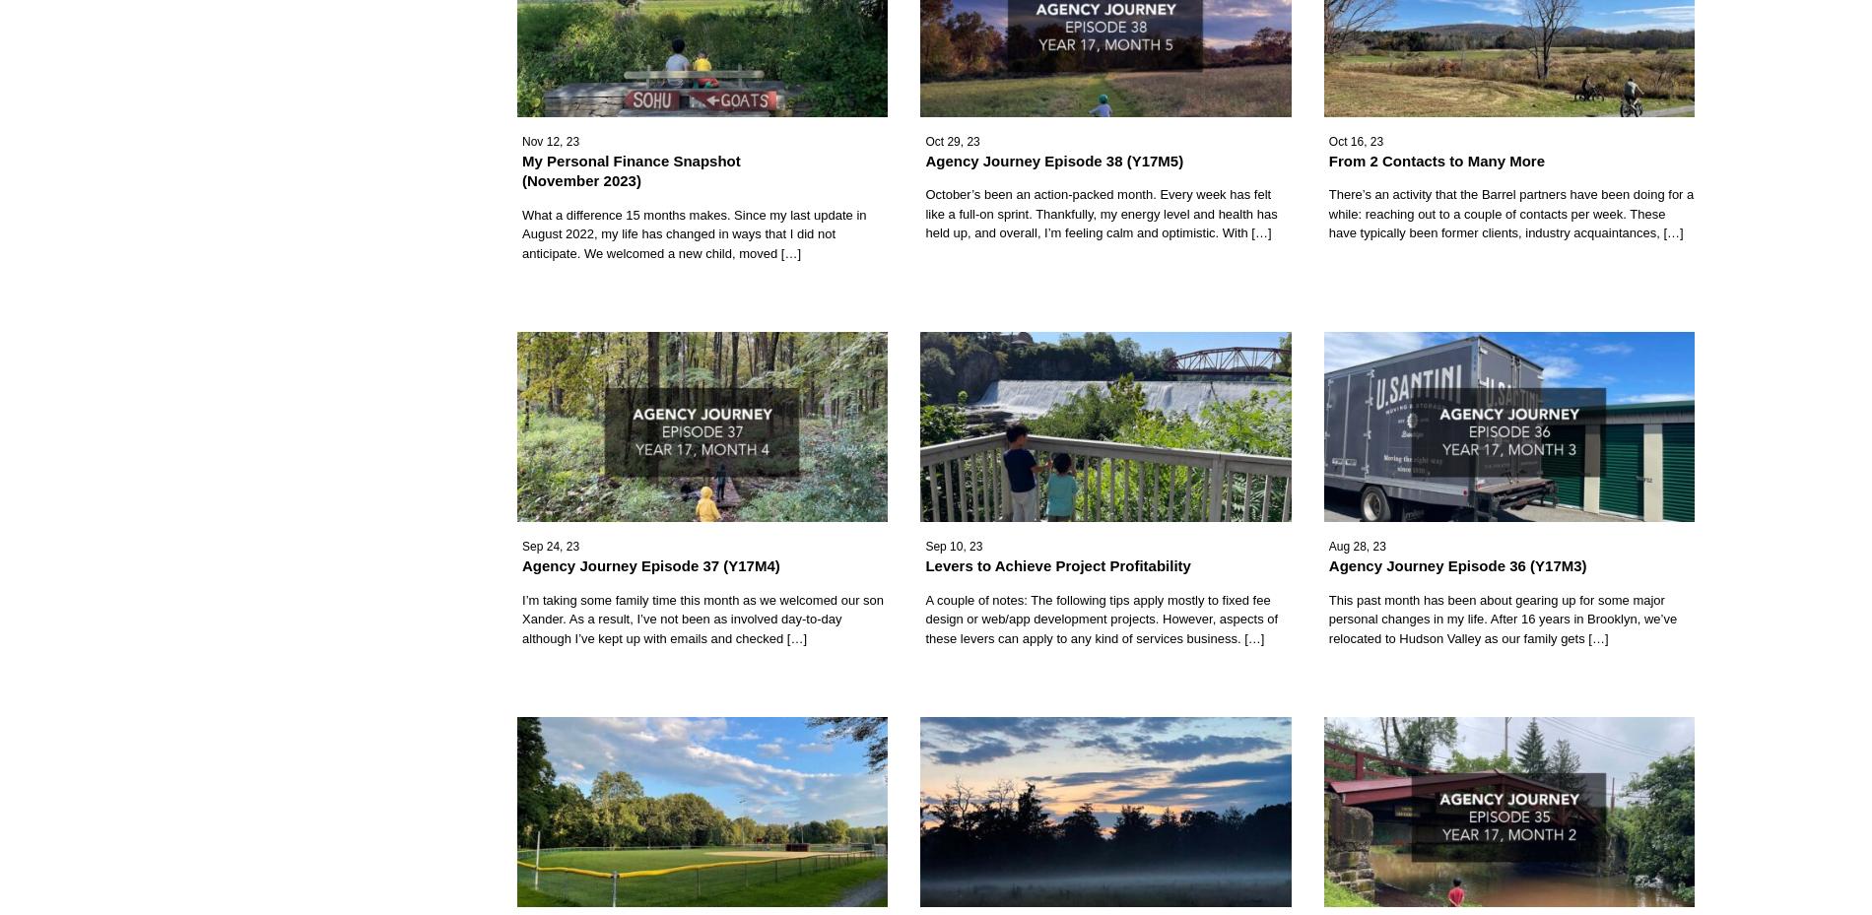 The image size is (1872, 915). What do you see at coordinates (923, 564) in the screenshot?
I see `'Levers to Achieve Project Profitability'` at bounding box center [923, 564].